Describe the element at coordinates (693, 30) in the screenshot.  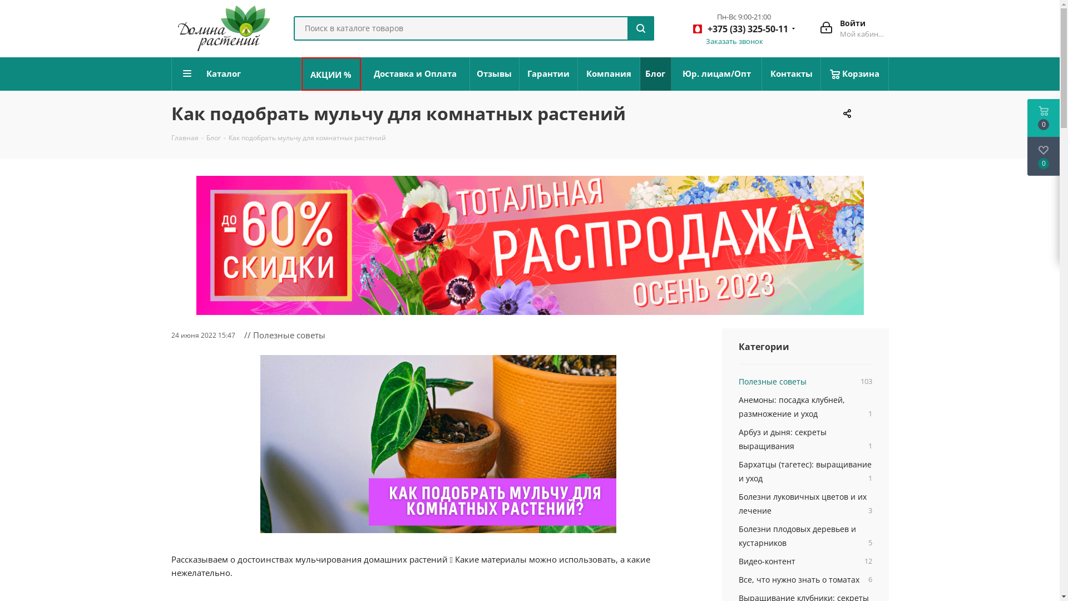
I see `'+375 (33) 325-50-11'` at that location.